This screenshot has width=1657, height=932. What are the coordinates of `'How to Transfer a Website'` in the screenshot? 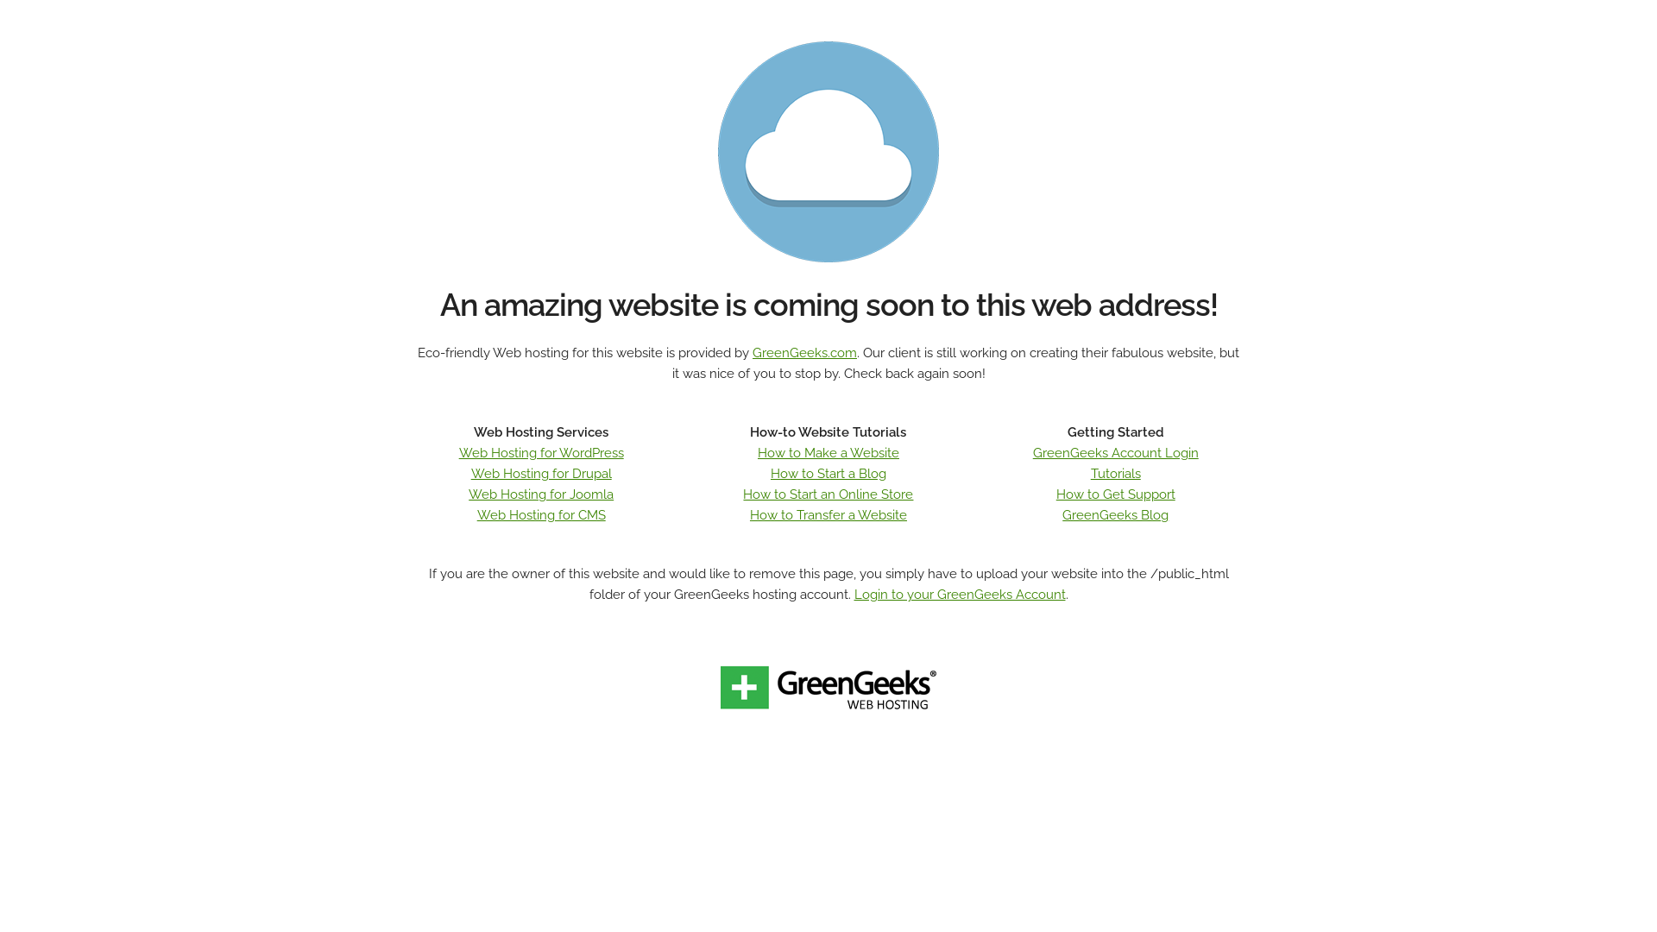 It's located at (828, 514).